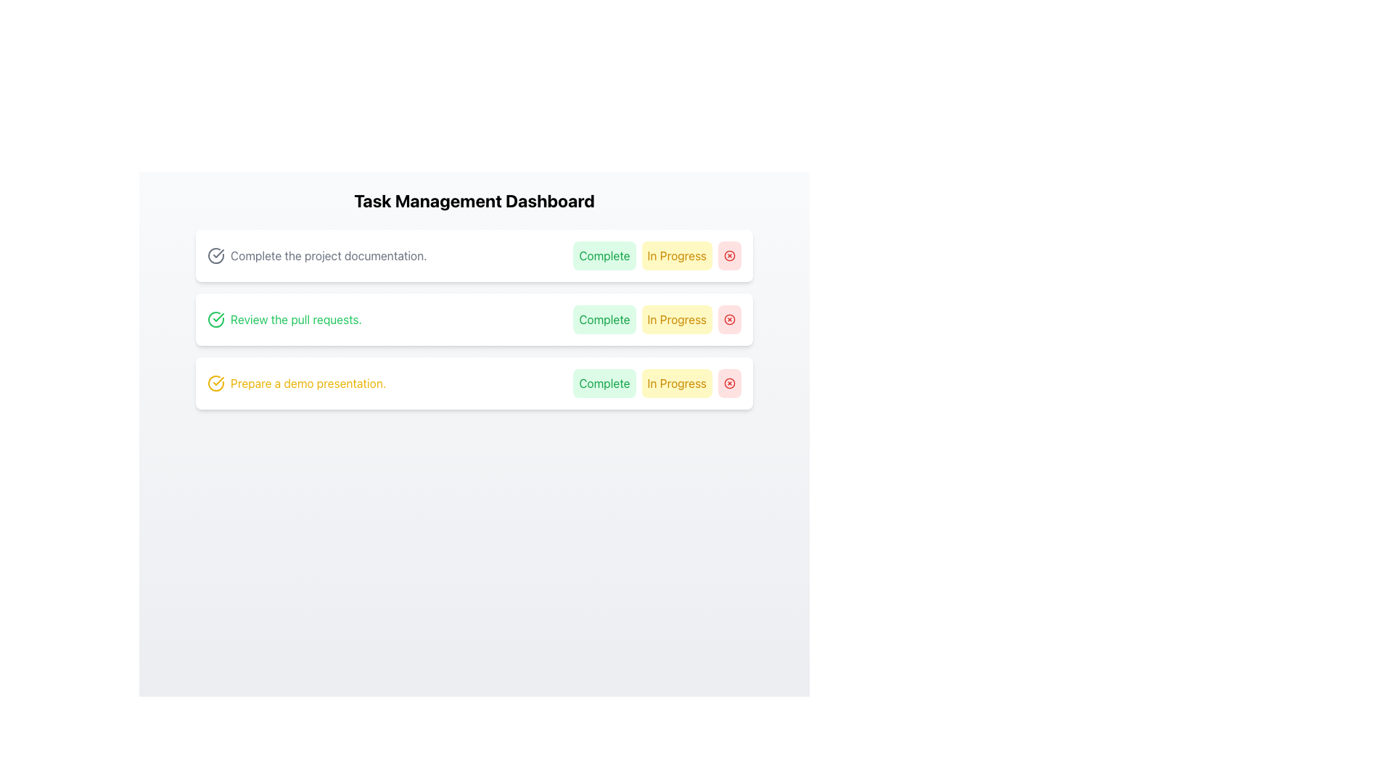 The image size is (1393, 783). What do you see at coordinates (215, 255) in the screenshot?
I see `the circular gray checkmark icon that represents a complete or confirmation symbol, located to the left of the text 'Complete the project documentation.' in the first task row of the task management dashboard` at bounding box center [215, 255].